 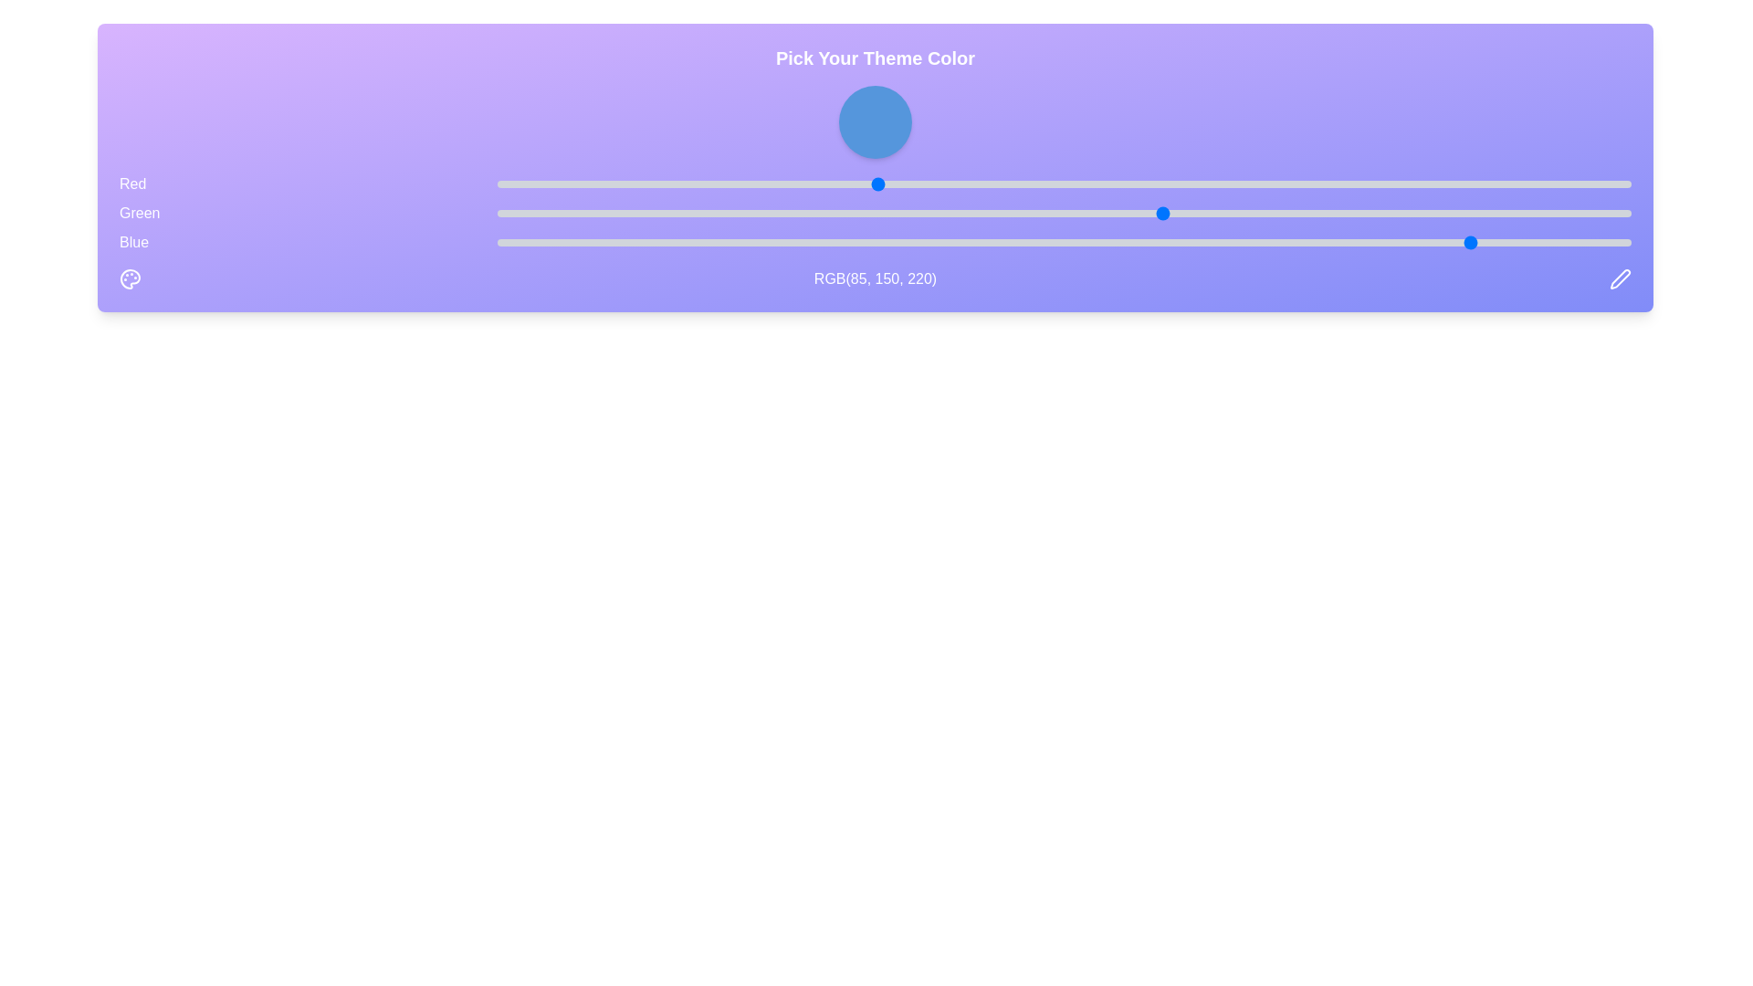 What do you see at coordinates (648, 184) in the screenshot?
I see `the slider's value` at bounding box center [648, 184].